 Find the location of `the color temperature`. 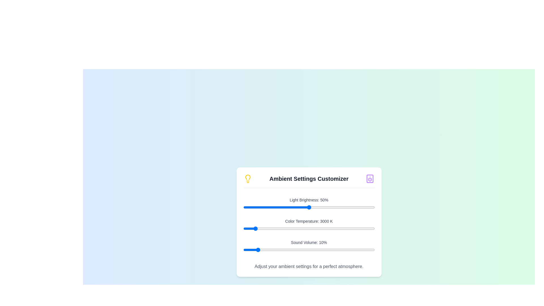

the color temperature is located at coordinates (345, 228).